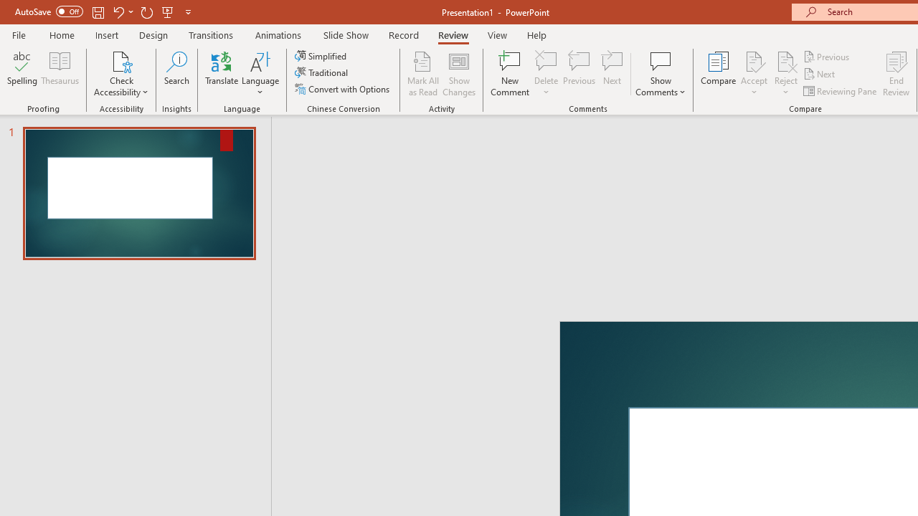 This screenshot has width=918, height=516. What do you see at coordinates (785, 74) in the screenshot?
I see `'Reject'` at bounding box center [785, 74].